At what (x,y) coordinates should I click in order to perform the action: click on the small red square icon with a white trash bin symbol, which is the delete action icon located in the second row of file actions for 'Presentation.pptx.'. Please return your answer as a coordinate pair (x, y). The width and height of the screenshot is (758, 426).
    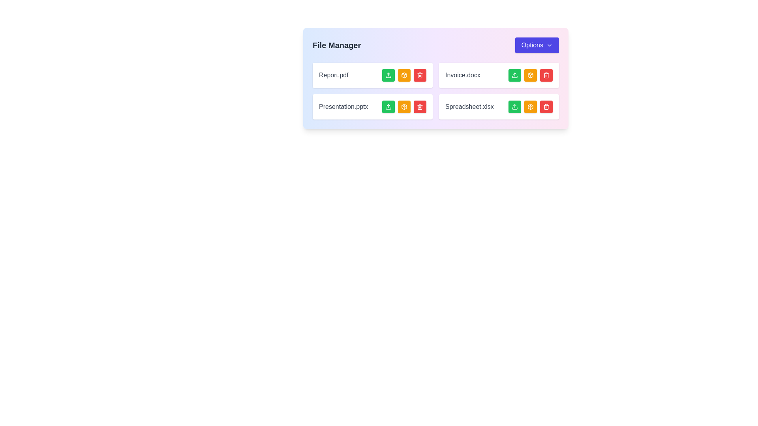
    Looking at the image, I should click on (420, 106).